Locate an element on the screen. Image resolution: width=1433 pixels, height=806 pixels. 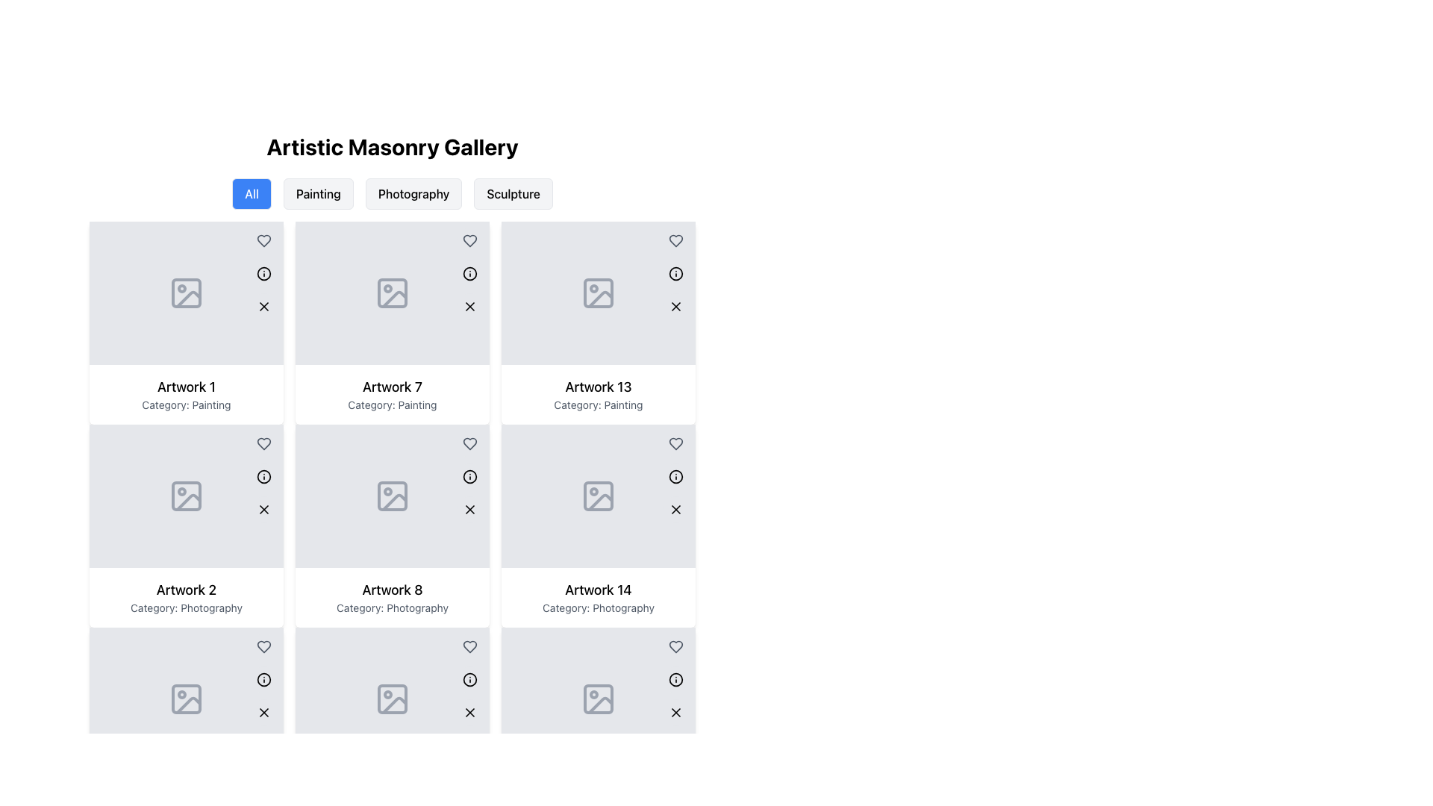
text information from the descriptor of the card component titled 'Artwork 2' with the category 'Photography', located in the bottom section of the second column in the second row of a grid layout is located at coordinates (185, 597).